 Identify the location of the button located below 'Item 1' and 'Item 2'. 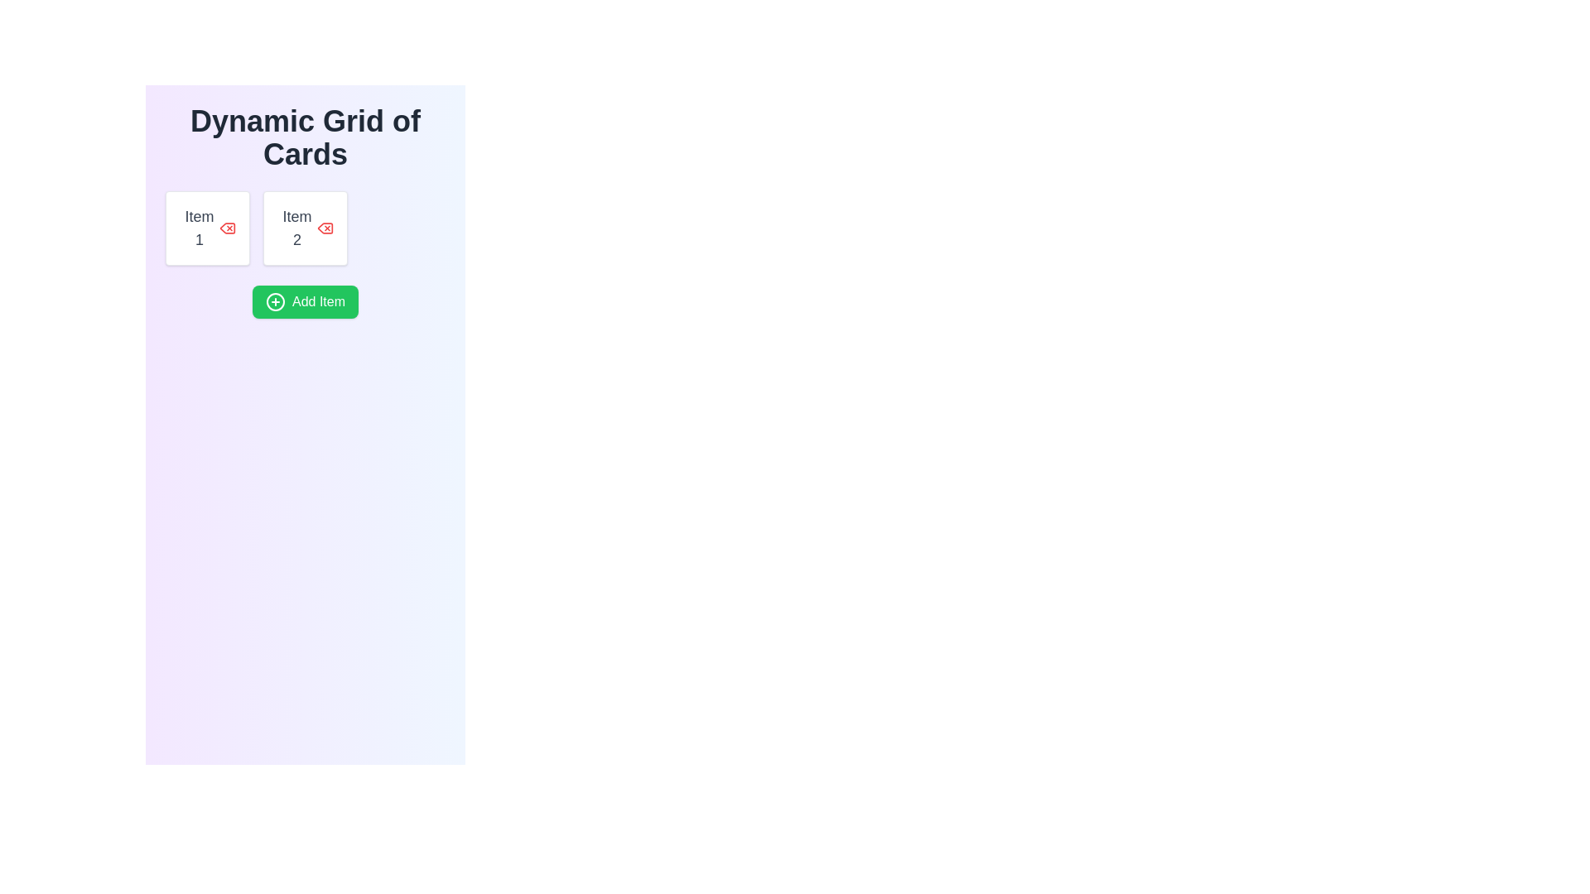
(306, 302).